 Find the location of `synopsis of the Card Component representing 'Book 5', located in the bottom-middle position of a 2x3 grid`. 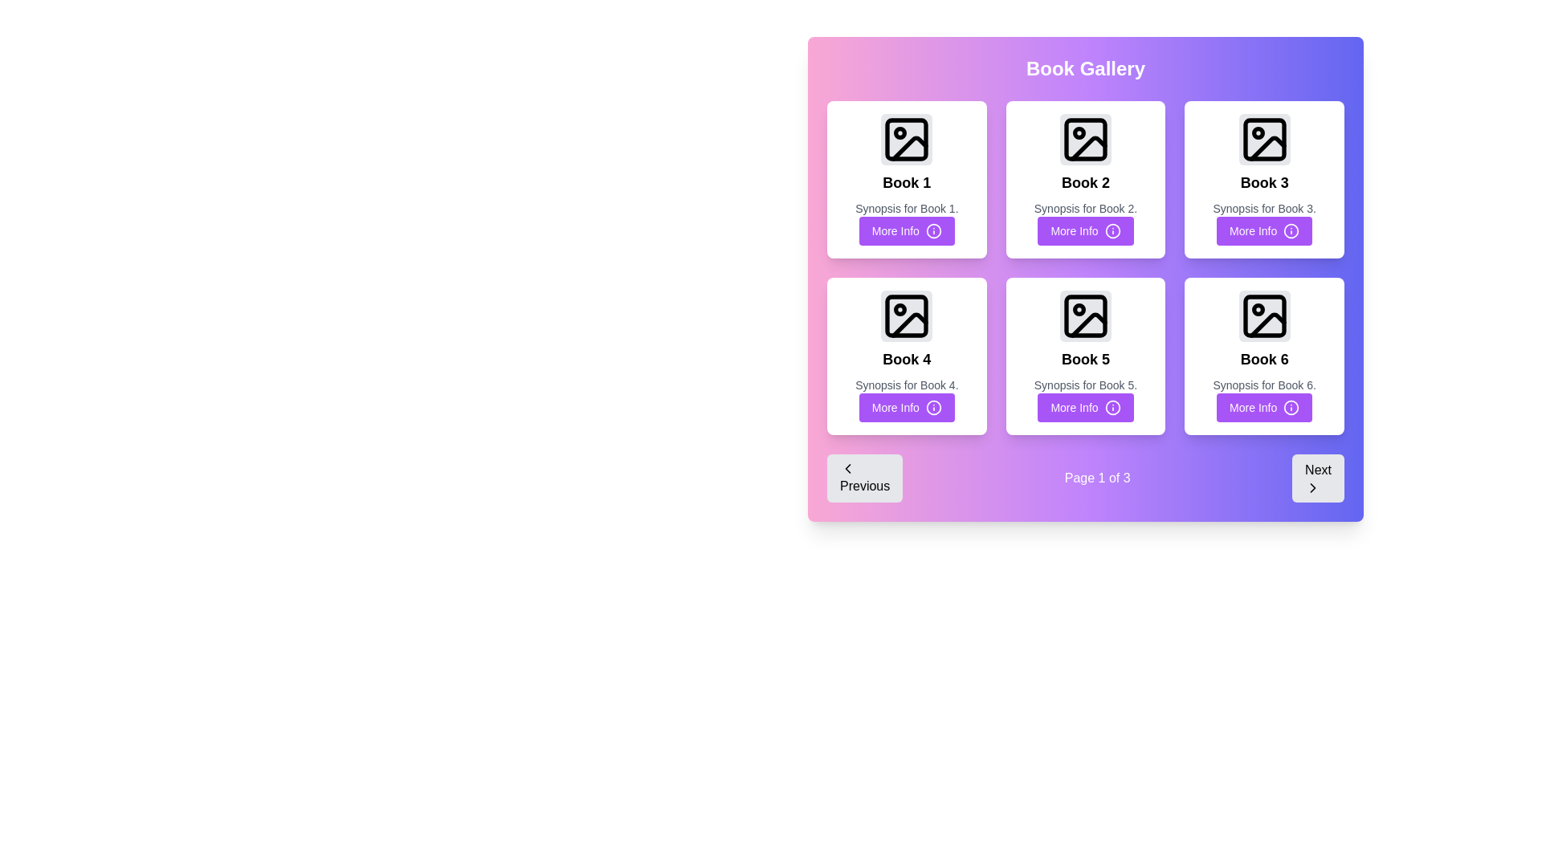

synopsis of the Card Component representing 'Book 5', located in the bottom-middle position of a 2x3 grid is located at coordinates (1086, 355).